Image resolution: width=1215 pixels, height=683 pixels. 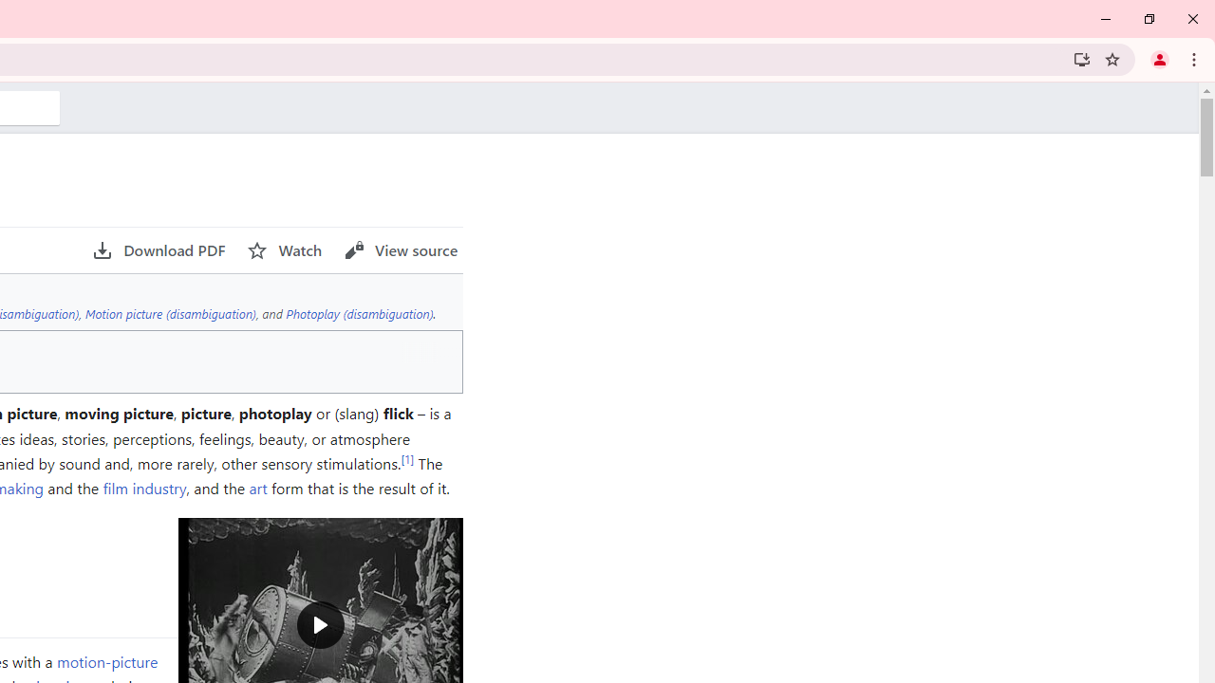 I want to click on 'Motion picture (disambiguation)', so click(x=170, y=312).